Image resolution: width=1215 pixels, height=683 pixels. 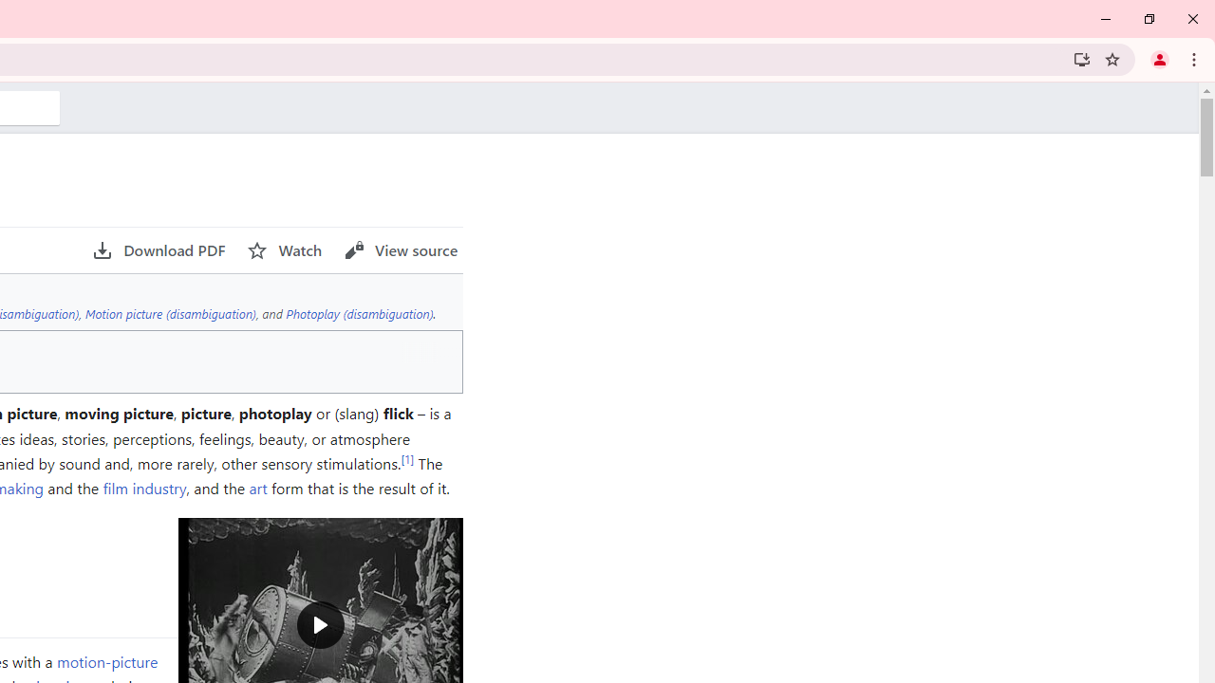 I want to click on 'Motion picture (disambiguation)', so click(x=170, y=312).